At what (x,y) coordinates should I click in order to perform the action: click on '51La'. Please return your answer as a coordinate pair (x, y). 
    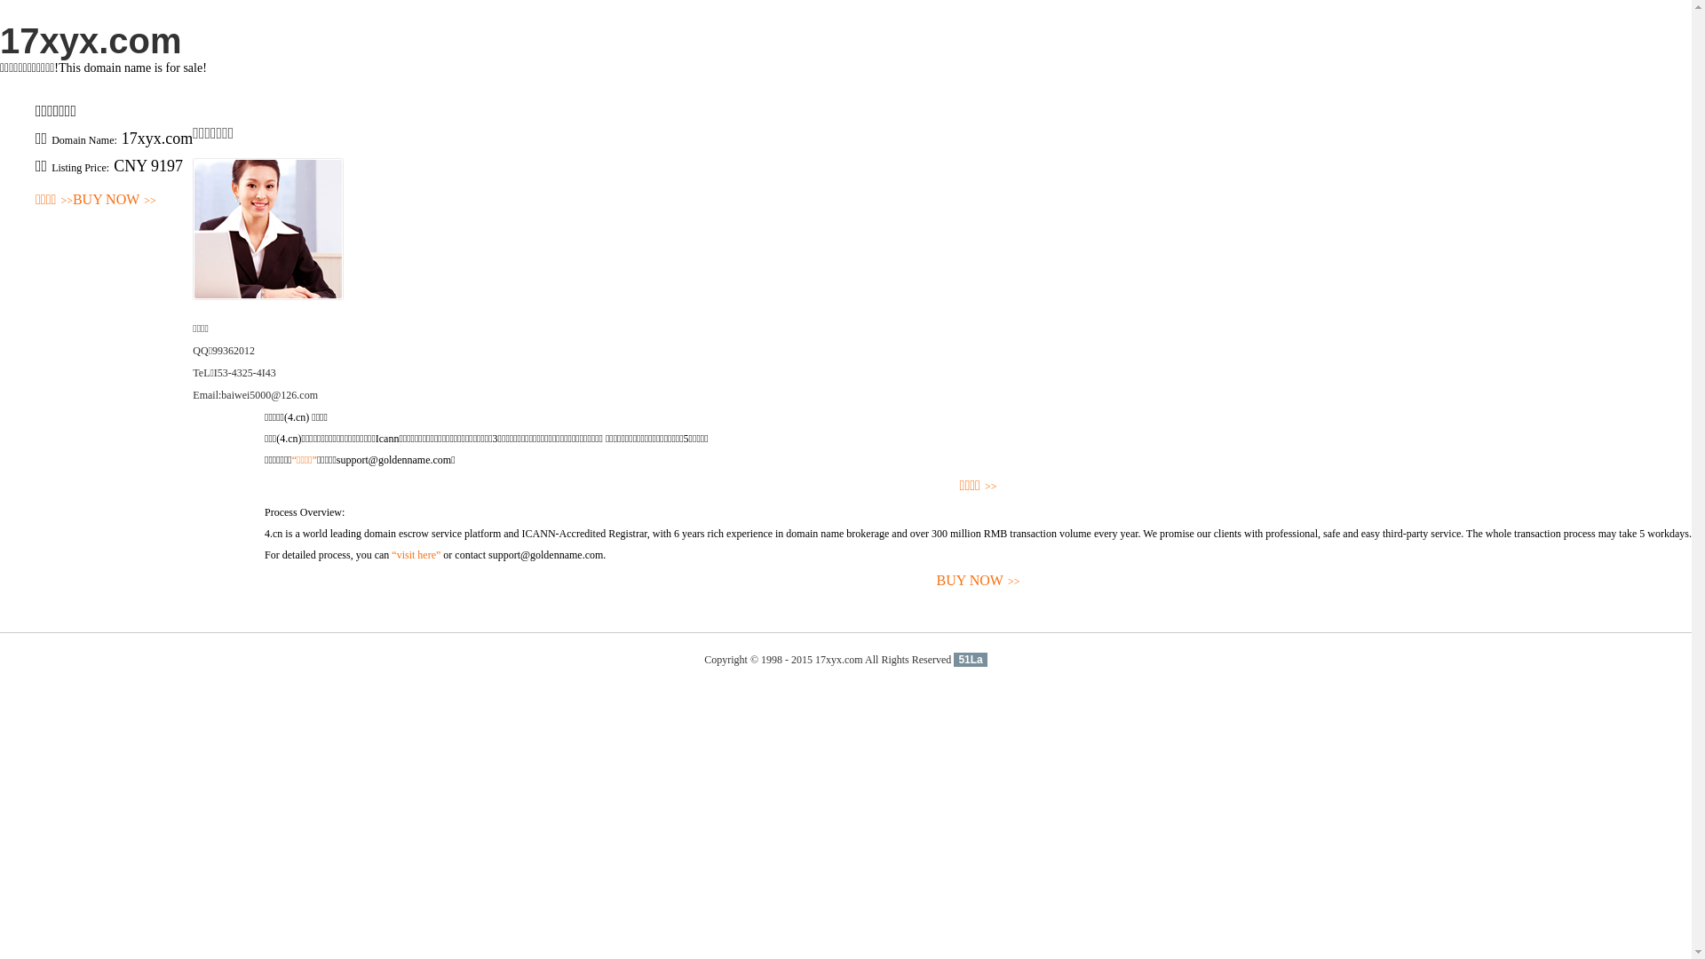
    Looking at the image, I should click on (969, 660).